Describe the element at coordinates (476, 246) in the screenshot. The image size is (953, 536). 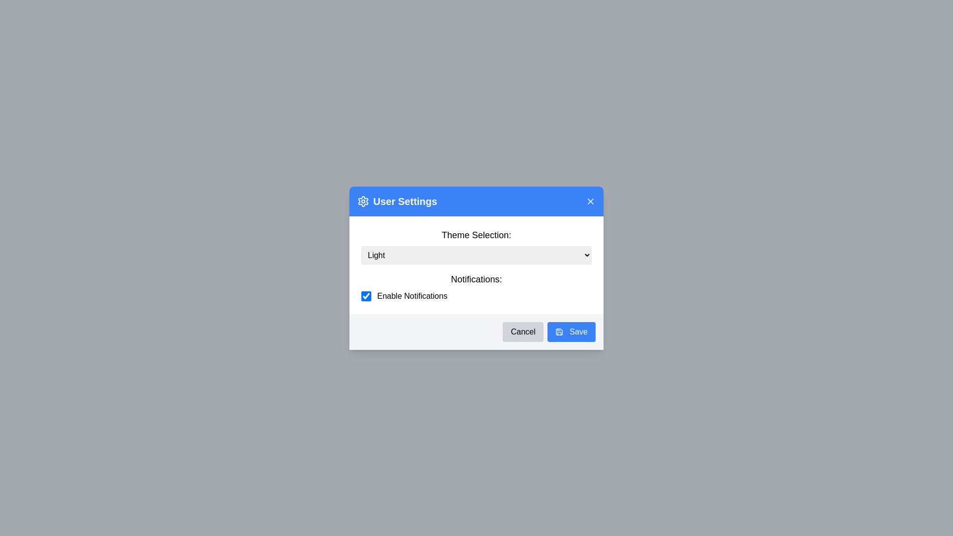
I see `the Dropdown menu for selecting a theme located below the title 'User Settings' in the modal interface` at that location.